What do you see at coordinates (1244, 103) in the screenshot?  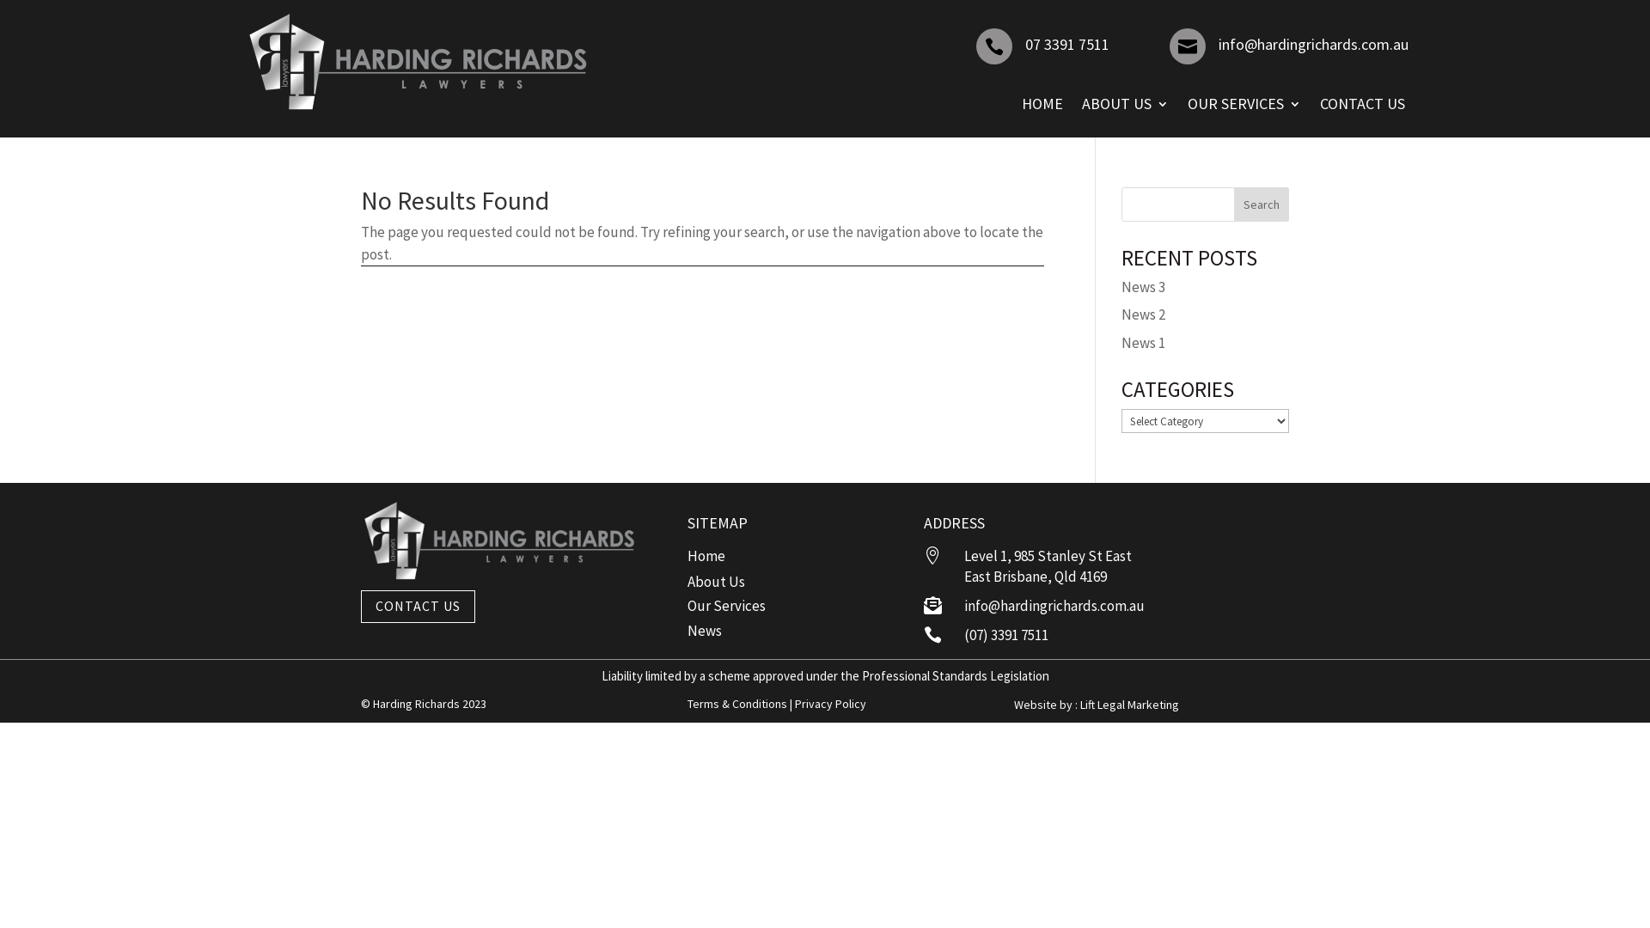 I see `'OUR SERVICES'` at bounding box center [1244, 103].